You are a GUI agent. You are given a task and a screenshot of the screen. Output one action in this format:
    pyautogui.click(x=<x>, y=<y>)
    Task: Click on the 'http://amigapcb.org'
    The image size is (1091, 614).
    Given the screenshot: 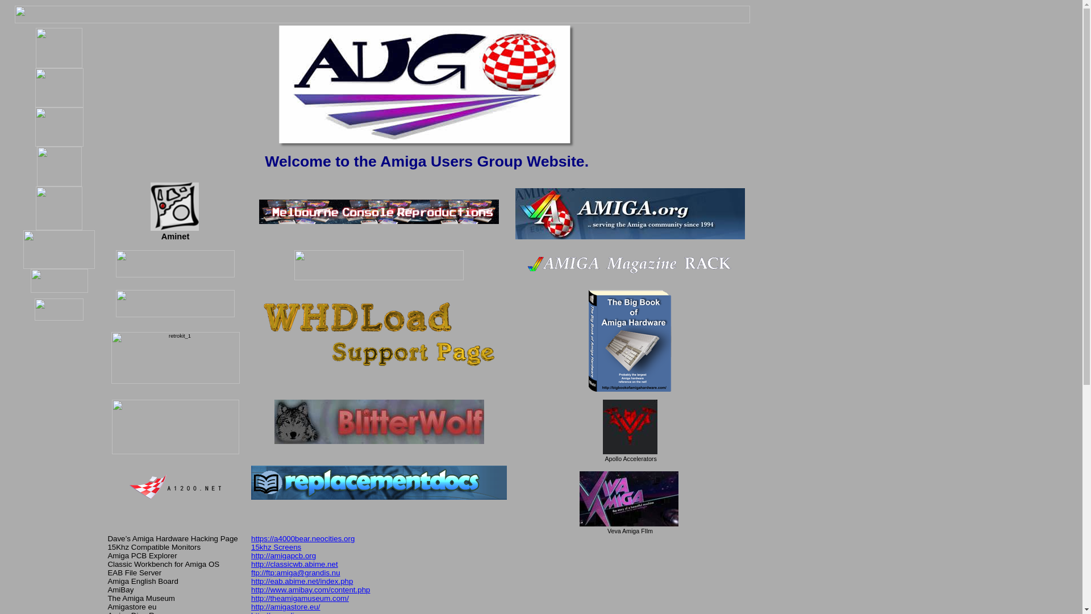 What is the action you would take?
    pyautogui.click(x=284, y=555)
    